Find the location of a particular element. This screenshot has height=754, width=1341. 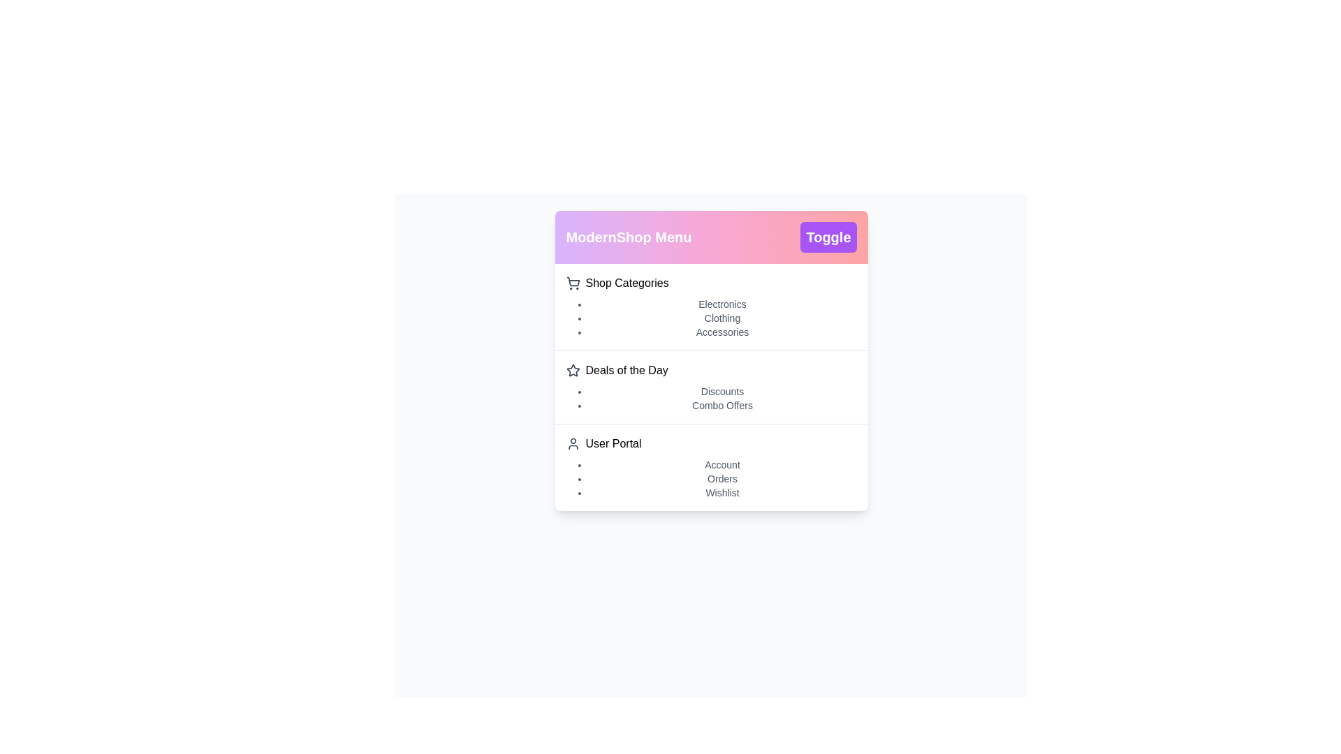

the icon next to Deals of the Day to explore it is located at coordinates (573, 370).